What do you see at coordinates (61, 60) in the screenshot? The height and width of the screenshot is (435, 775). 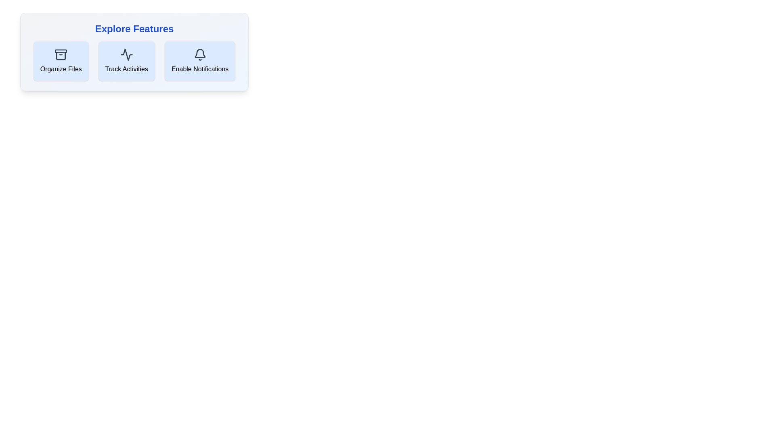 I see `the first button in the 'Explore Features' section` at bounding box center [61, 60].